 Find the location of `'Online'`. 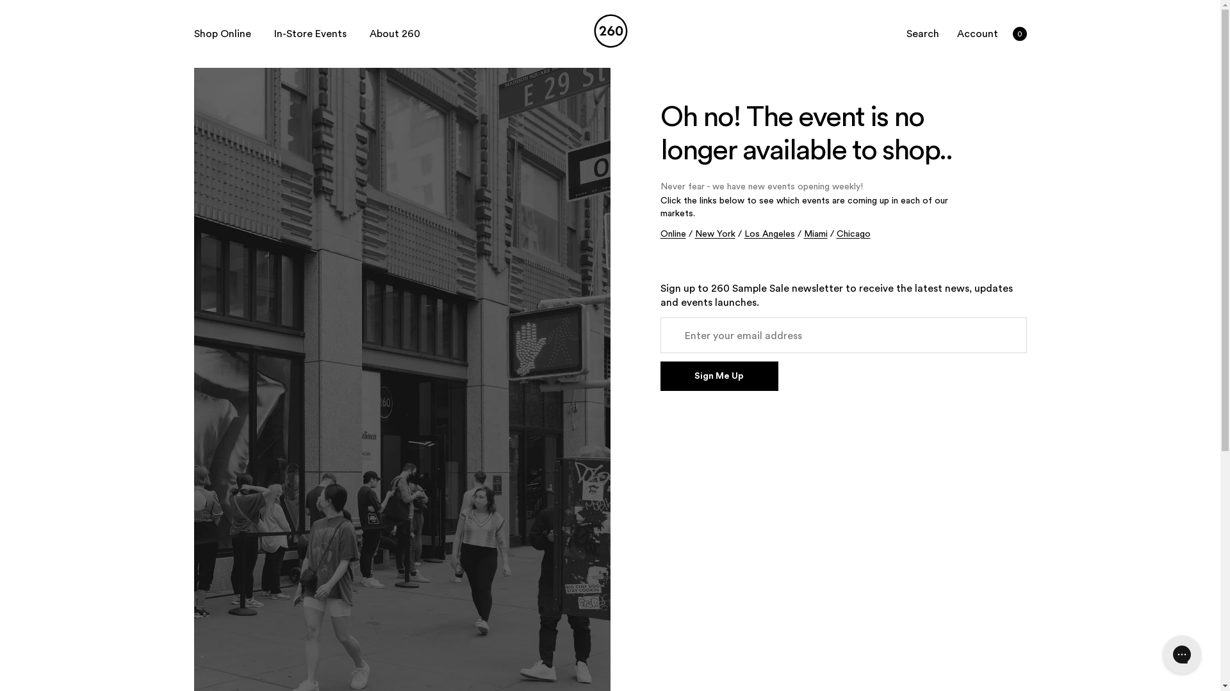

'Online' is located at coordinates (660, 234).